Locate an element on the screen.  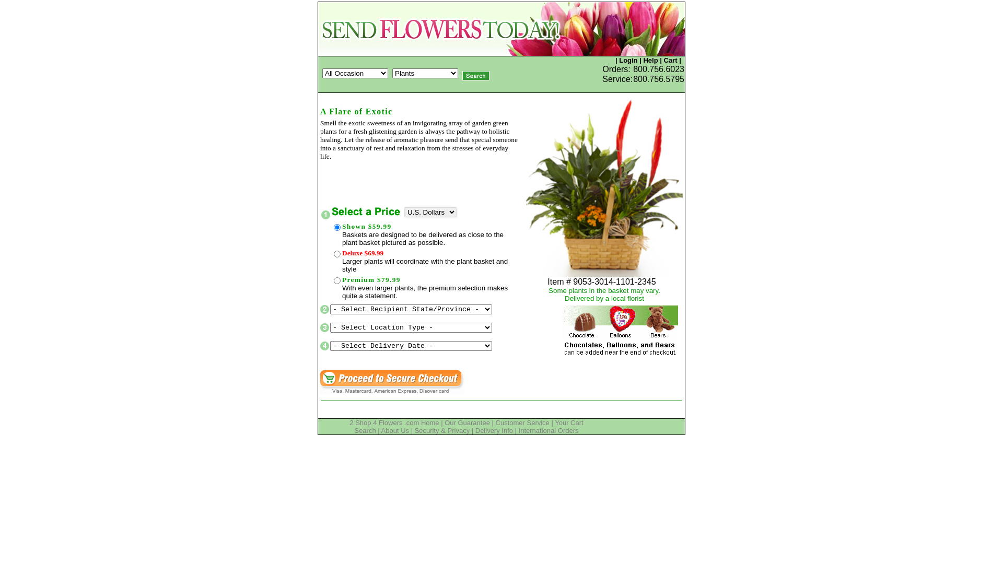
'2 Shop 4 Flowers .com Home' is located at coordinates (393, 422).